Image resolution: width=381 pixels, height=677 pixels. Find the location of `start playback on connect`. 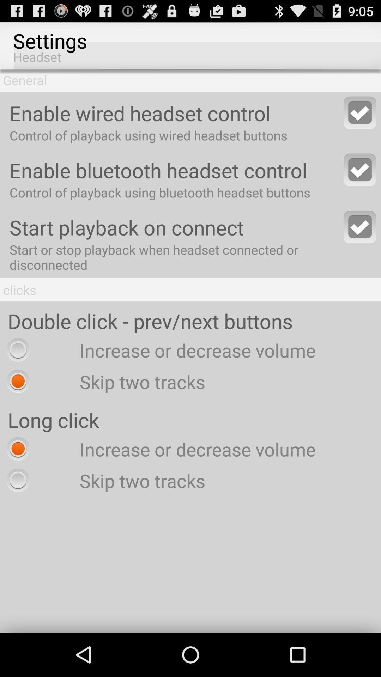

start playback on connect is located at coordinates (360, 227).